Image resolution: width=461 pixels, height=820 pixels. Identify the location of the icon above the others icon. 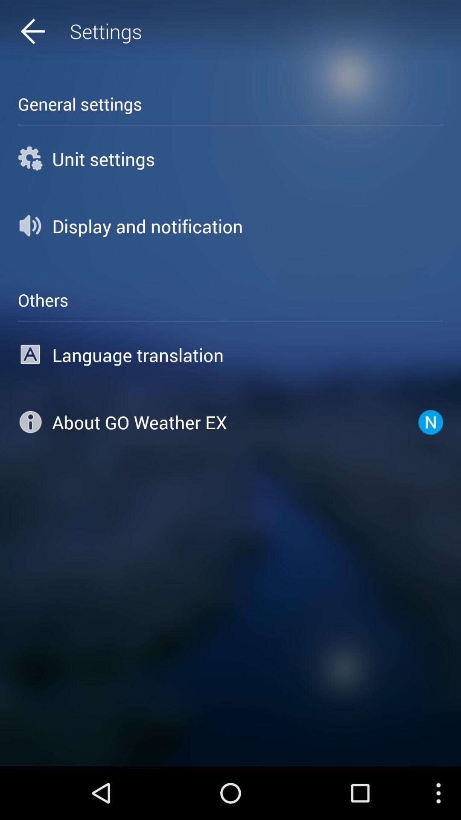
(230, 226).